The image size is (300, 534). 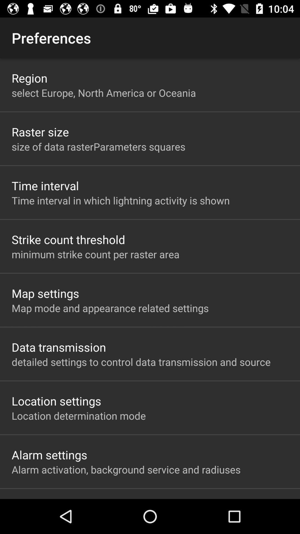 I want to click on the alarm activation background item, so click(x=126, y=469).